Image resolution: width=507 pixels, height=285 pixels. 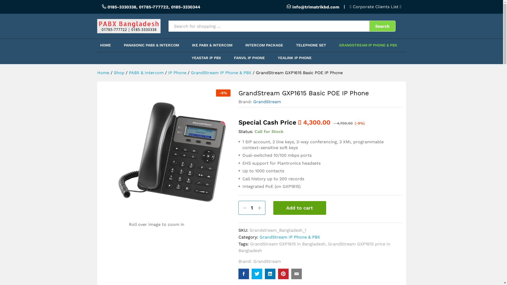 What do you see at coordinates (267, 102) in the screenshot?
I see `'GrandStream'` at bounding box center [267, 102].